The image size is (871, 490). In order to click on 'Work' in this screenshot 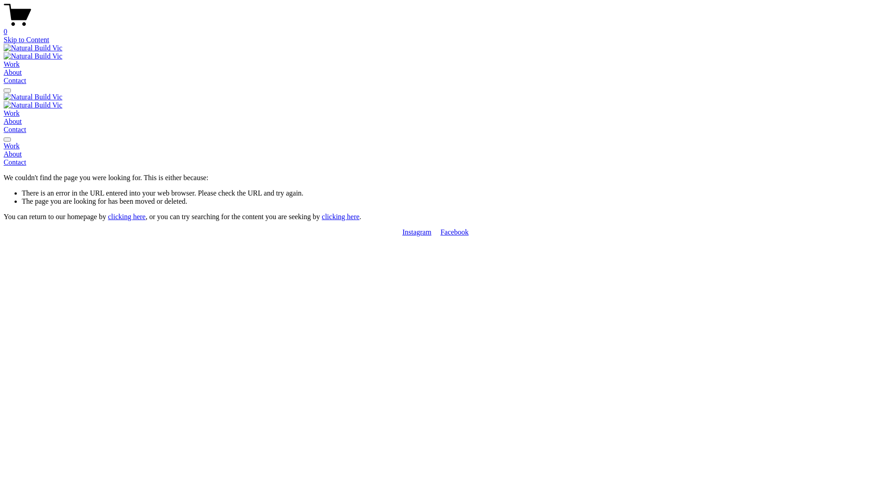, I will do `click(11, 64)`.